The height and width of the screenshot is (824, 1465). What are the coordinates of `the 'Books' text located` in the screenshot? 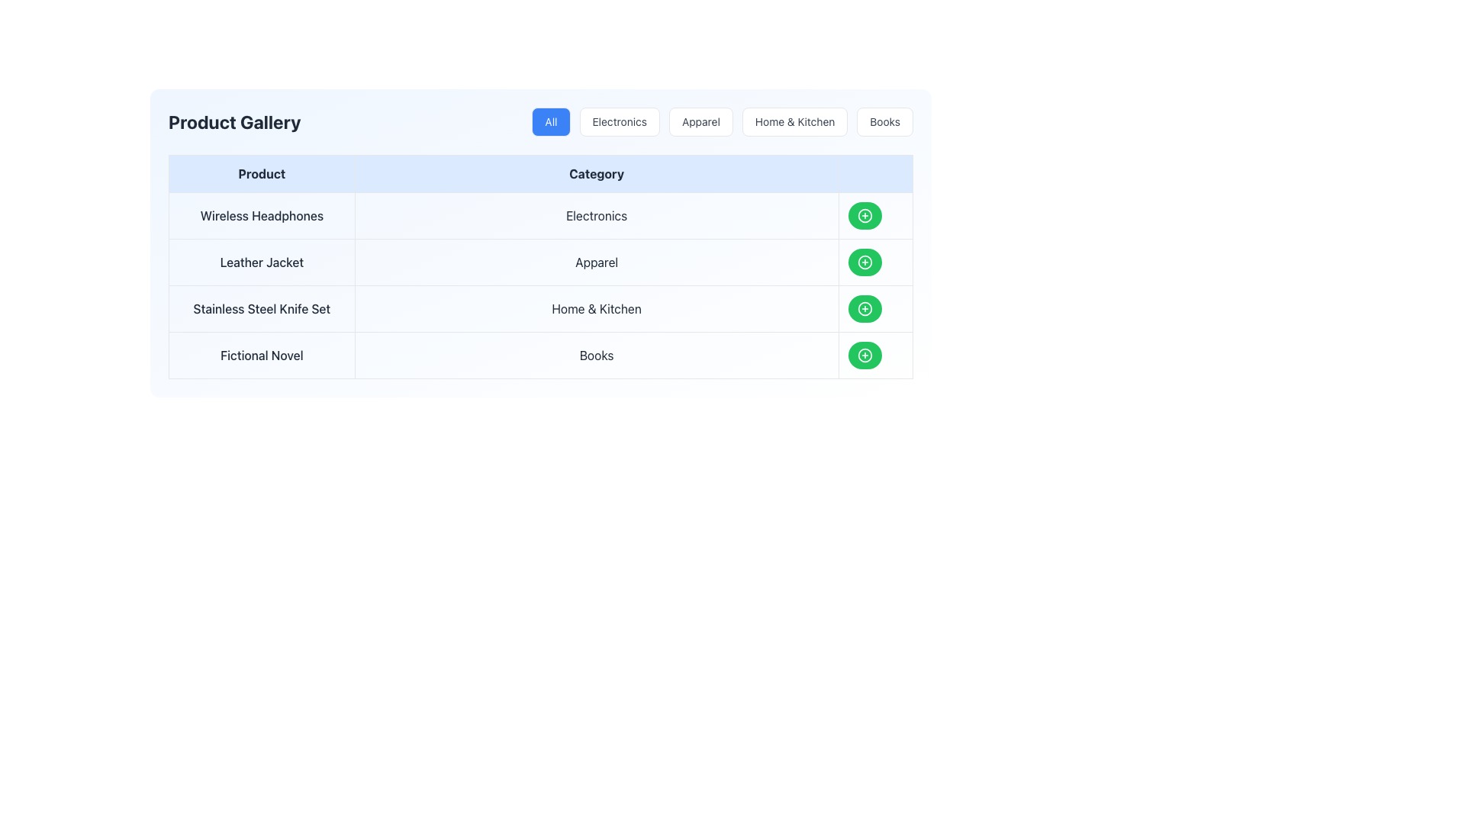 It's located at (596, 356).